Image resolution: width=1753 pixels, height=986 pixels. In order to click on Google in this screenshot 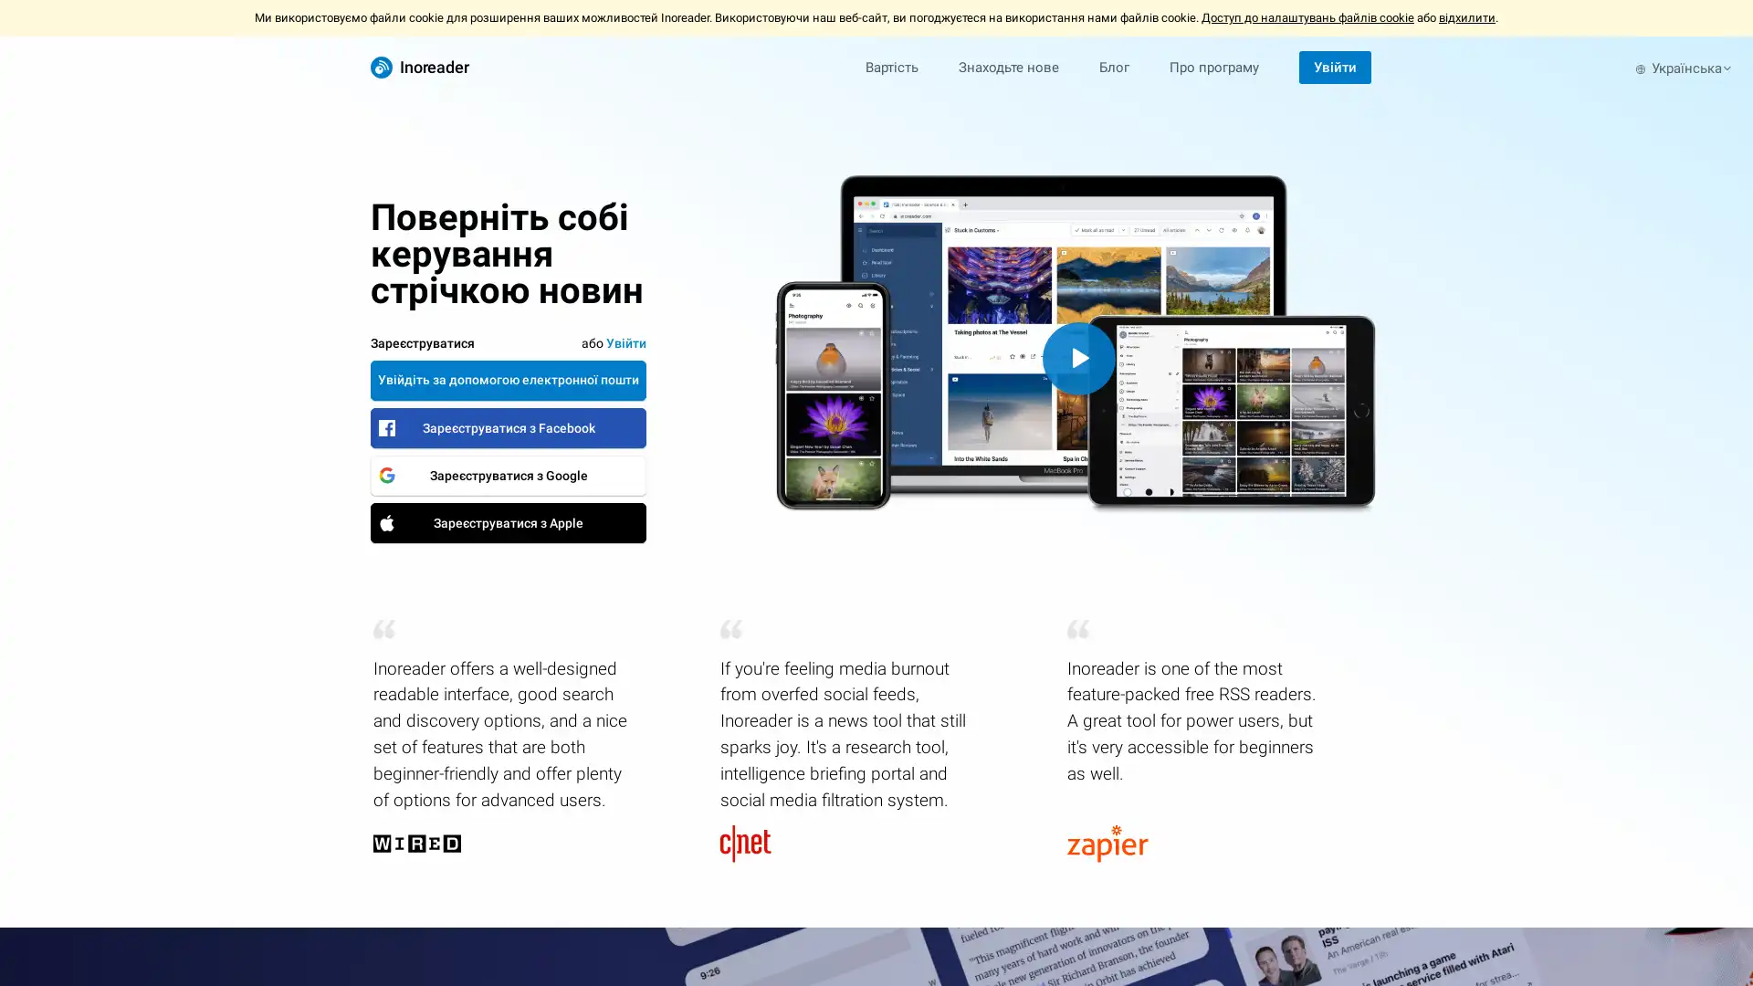, I will do `click(508, 474)`.